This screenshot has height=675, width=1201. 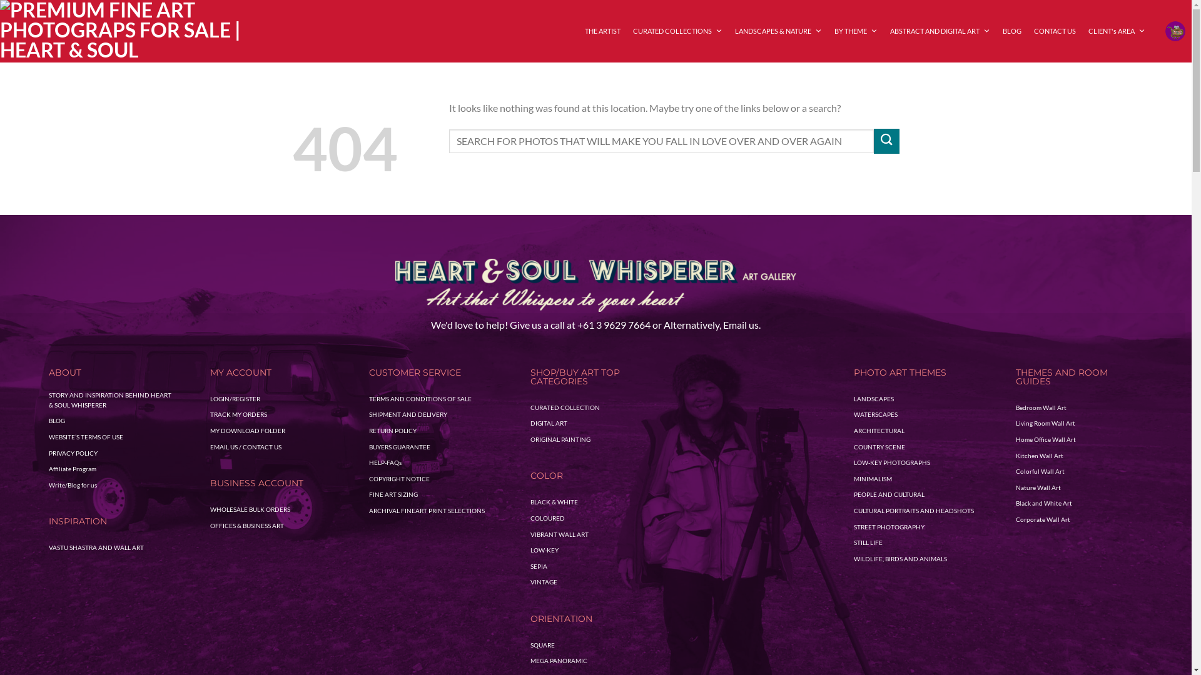 What do you see at coordinates (853, 446) in the screenshot?
I see `'COUNTRY SCENE'` at bounding box center [853, 446].